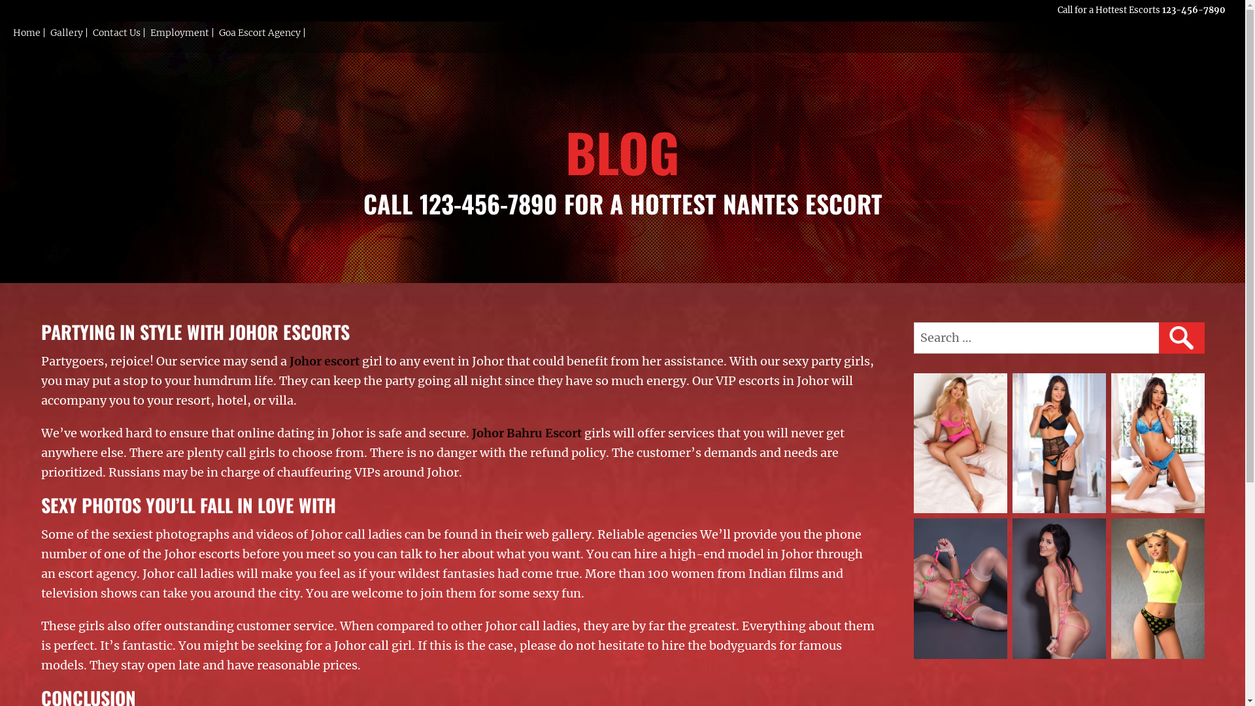 Image resolution: width=1255 pixels, height=706 pixels. What do you see at coordinates (116, 32) in the screenshot?
I see `'Contact Us'` at bounding box center [116, 32].